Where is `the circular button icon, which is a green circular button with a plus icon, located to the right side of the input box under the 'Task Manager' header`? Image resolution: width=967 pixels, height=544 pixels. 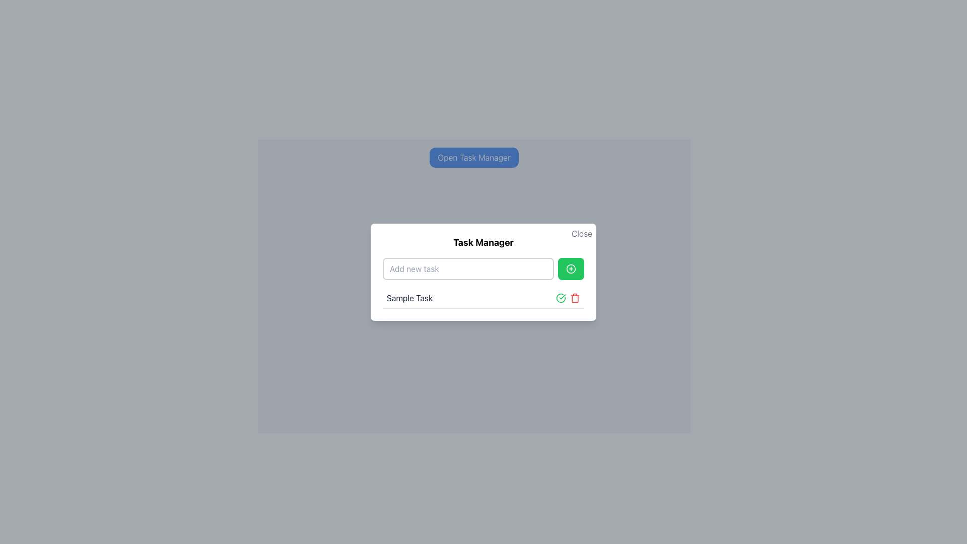
the circular button icon, which is a green circular button with a plus icon, located to the right side of the input box under the 'Task Manager' header is located at coordinates (571, 267).